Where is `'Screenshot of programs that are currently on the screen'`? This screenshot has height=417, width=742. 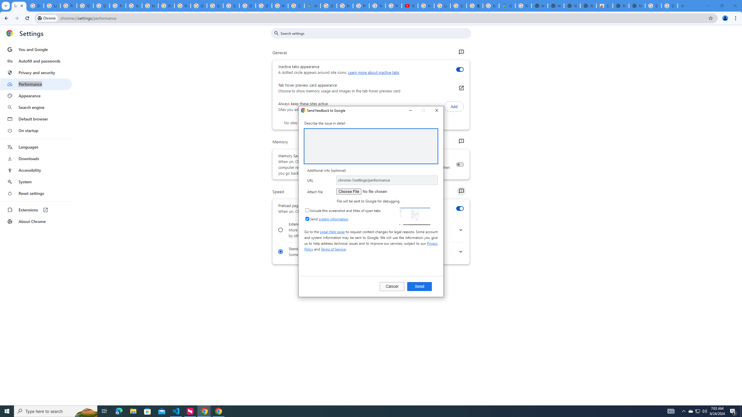
'Screenshot of programs that are currently on the screen' is located at coordinates (414, 216).